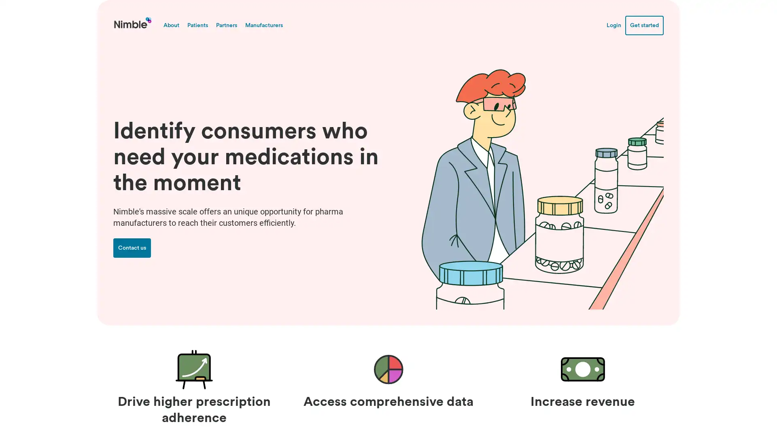  I want to click on Get started, so click(644, 24).